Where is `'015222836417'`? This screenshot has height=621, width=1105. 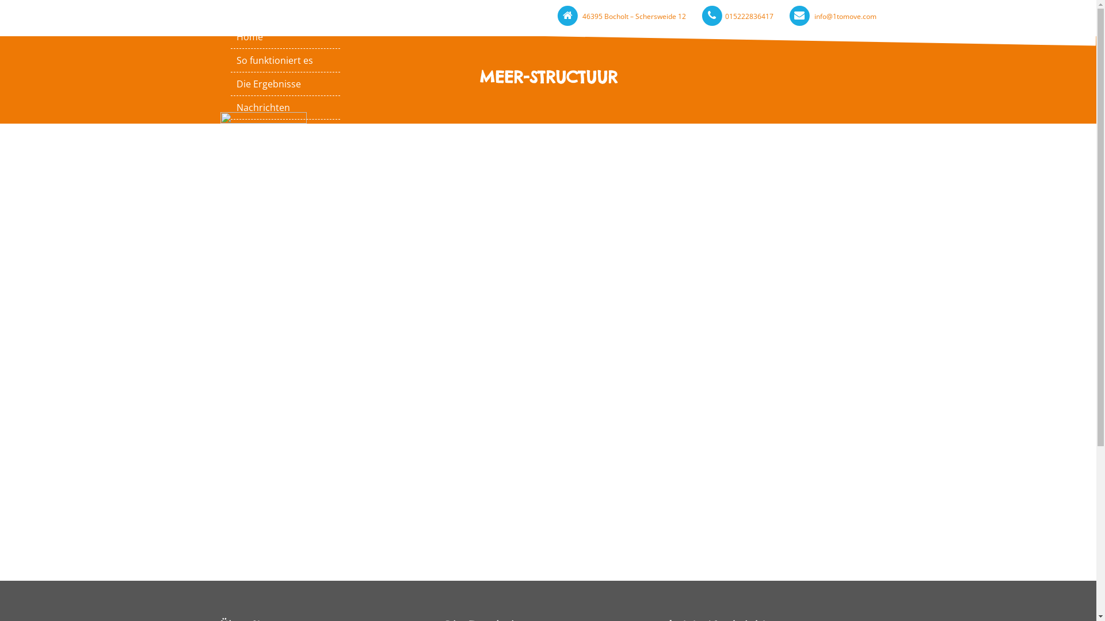 '015222836417' is located at coordinates (748, 16).